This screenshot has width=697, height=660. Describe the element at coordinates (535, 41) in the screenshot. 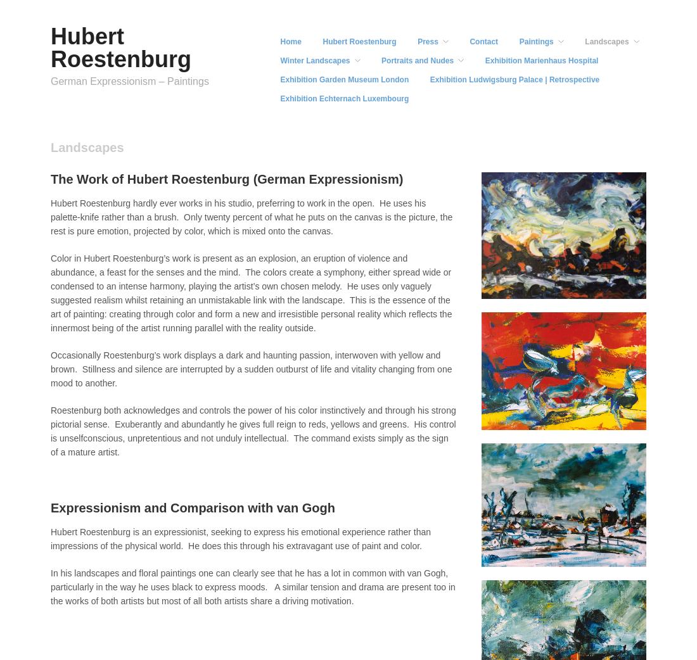

I see `'Paintings'` at that location.